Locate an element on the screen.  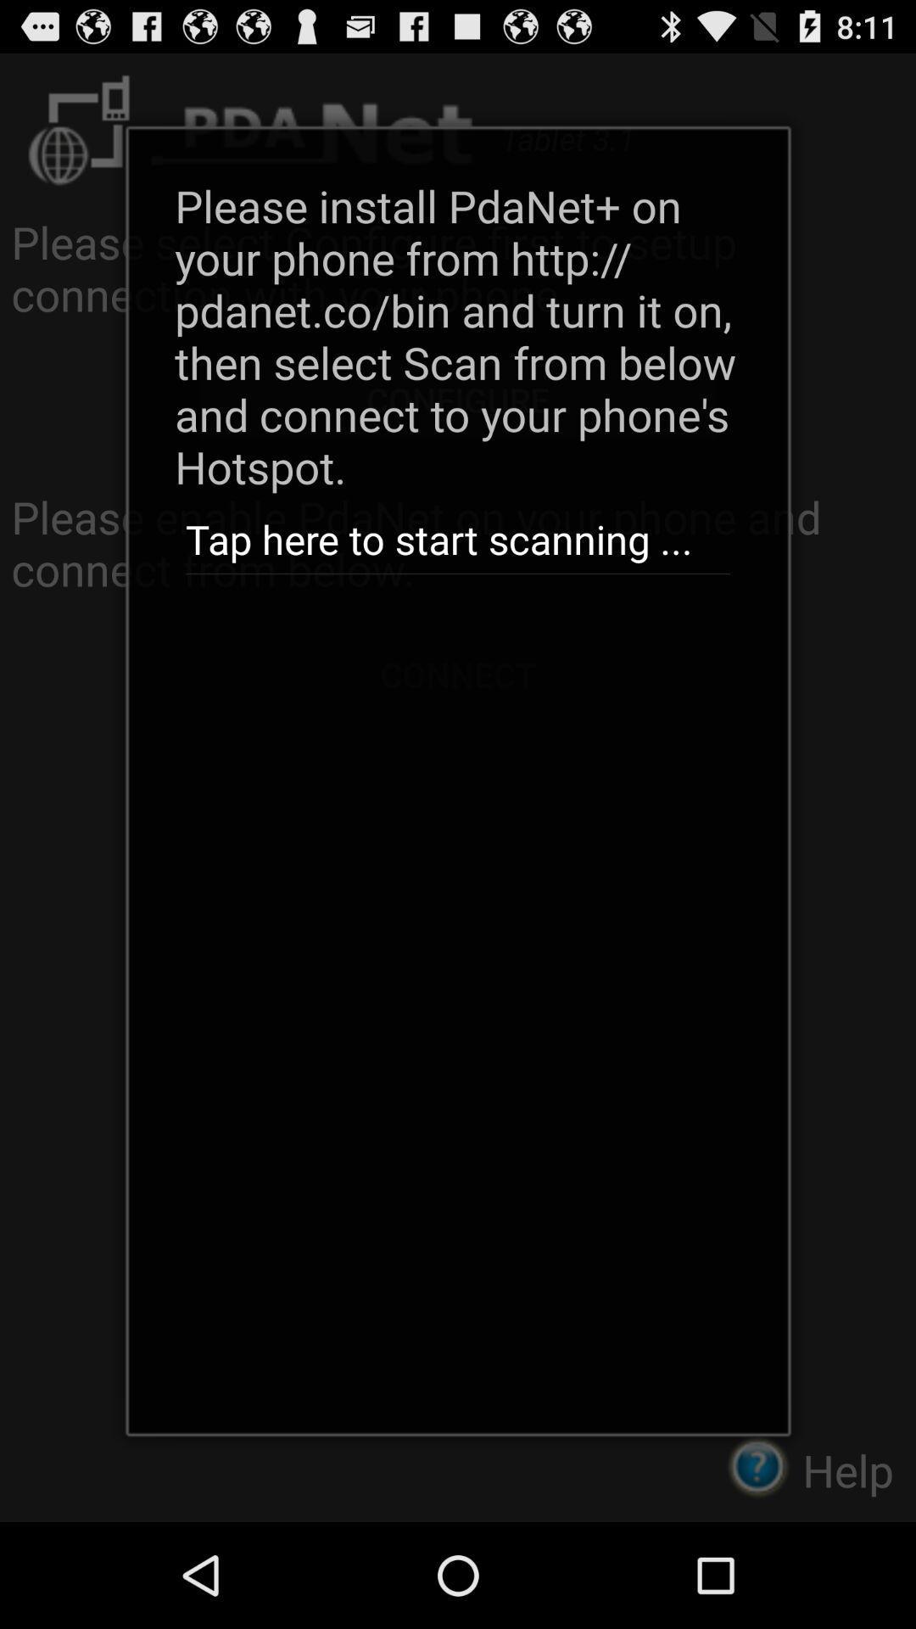
the tap here to app is located at coordinates (458, 540).